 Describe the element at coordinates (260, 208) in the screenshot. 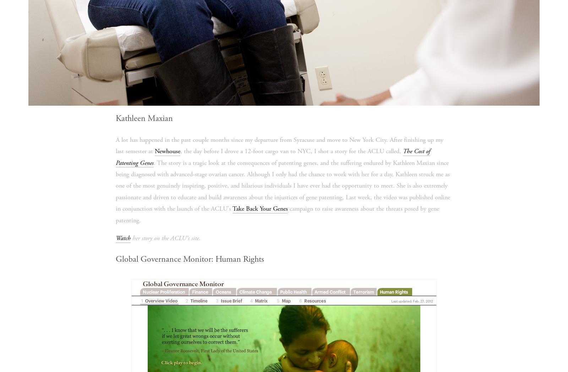

I see `'Take Back Your Genes'` at that location.